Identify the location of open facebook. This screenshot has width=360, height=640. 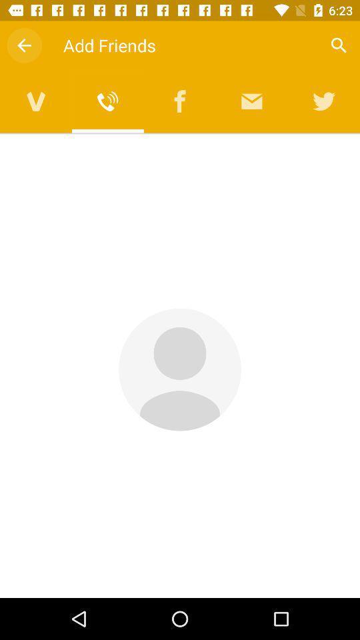
(180, 101).